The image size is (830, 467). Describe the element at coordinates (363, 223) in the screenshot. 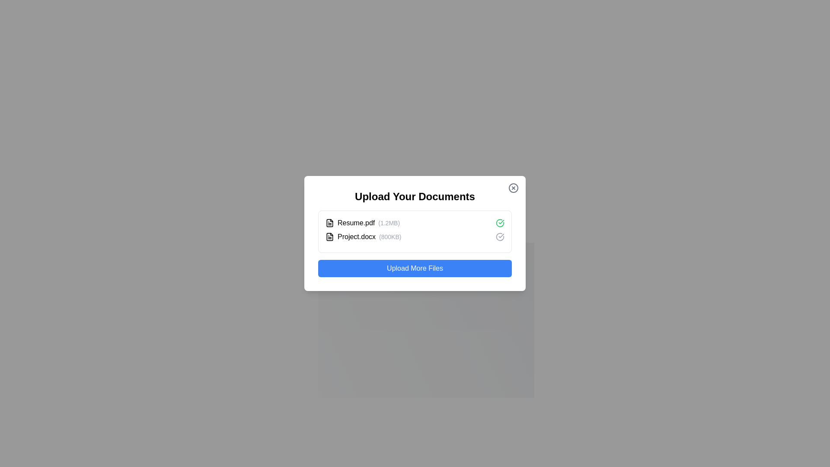

I see `the file name 'Resume.pdf' which is the first entry in the file list inside the modal pop-up` at that location.